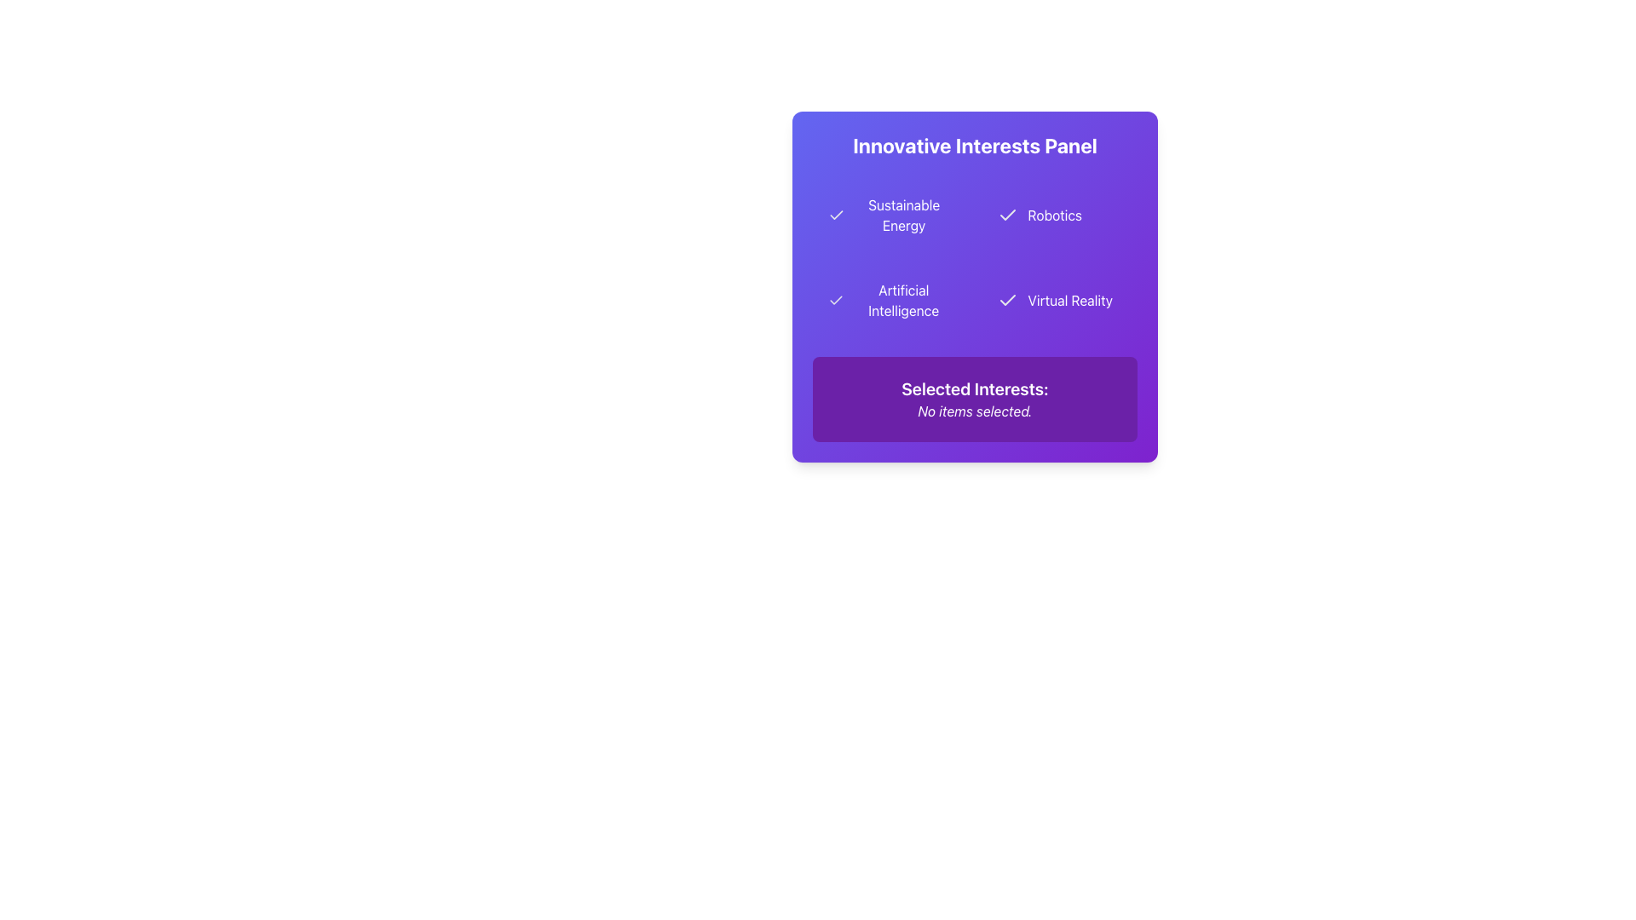  What do you see at coordinates (836, 300) in the screenshot?
I see `the checkmark icon (✔️) within the 'Innovative Interests Panel' that represents the 'Artificial Intelligence' option` at bounding box center [836, 300].